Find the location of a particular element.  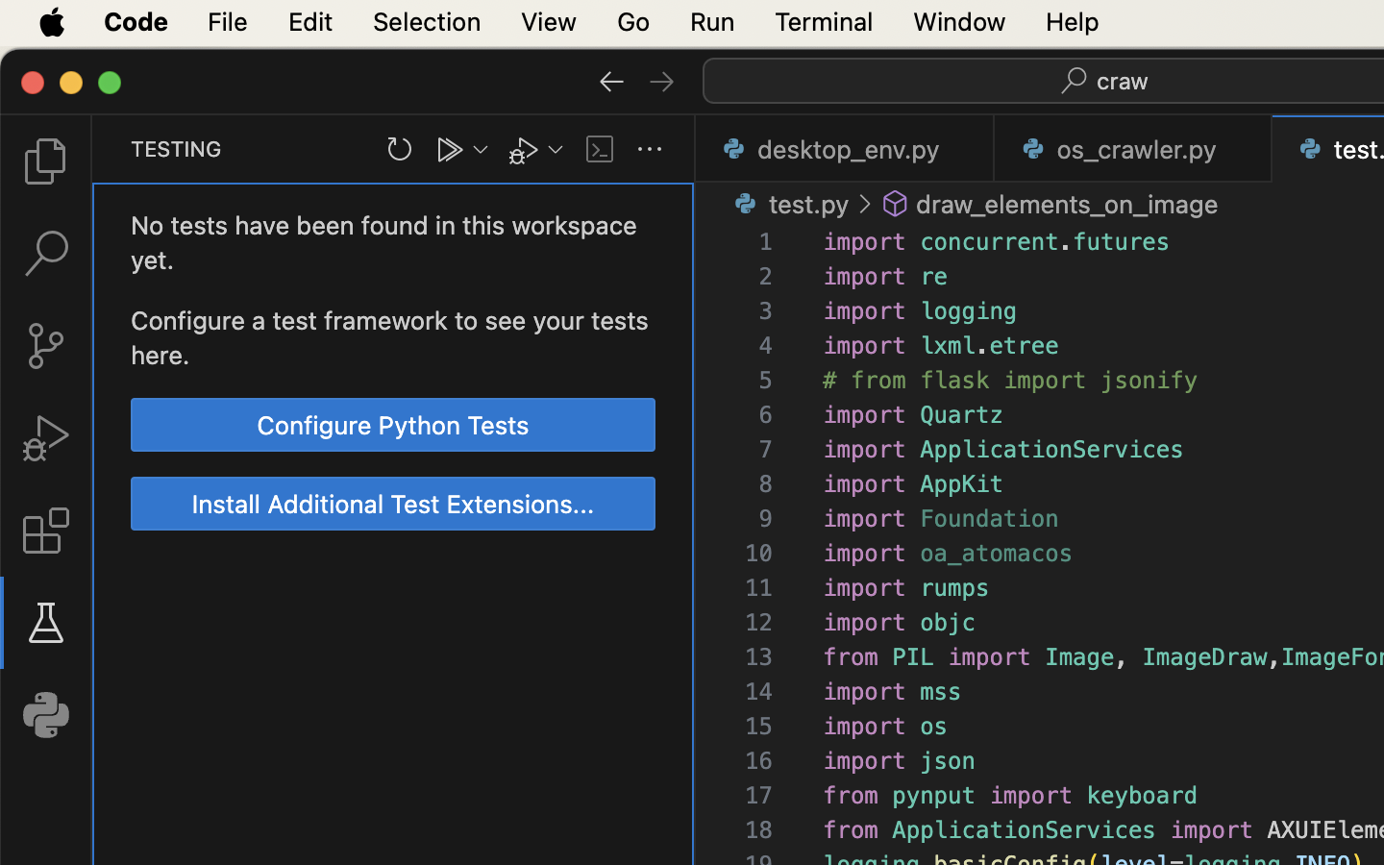

'' is located at coordinates (662, 79).